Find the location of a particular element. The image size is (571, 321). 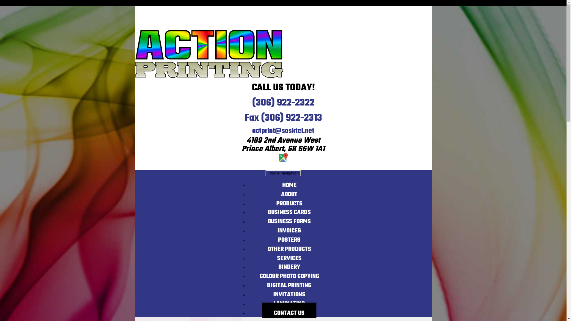

'PRODUCTS' is located at coordinates (289, 201).